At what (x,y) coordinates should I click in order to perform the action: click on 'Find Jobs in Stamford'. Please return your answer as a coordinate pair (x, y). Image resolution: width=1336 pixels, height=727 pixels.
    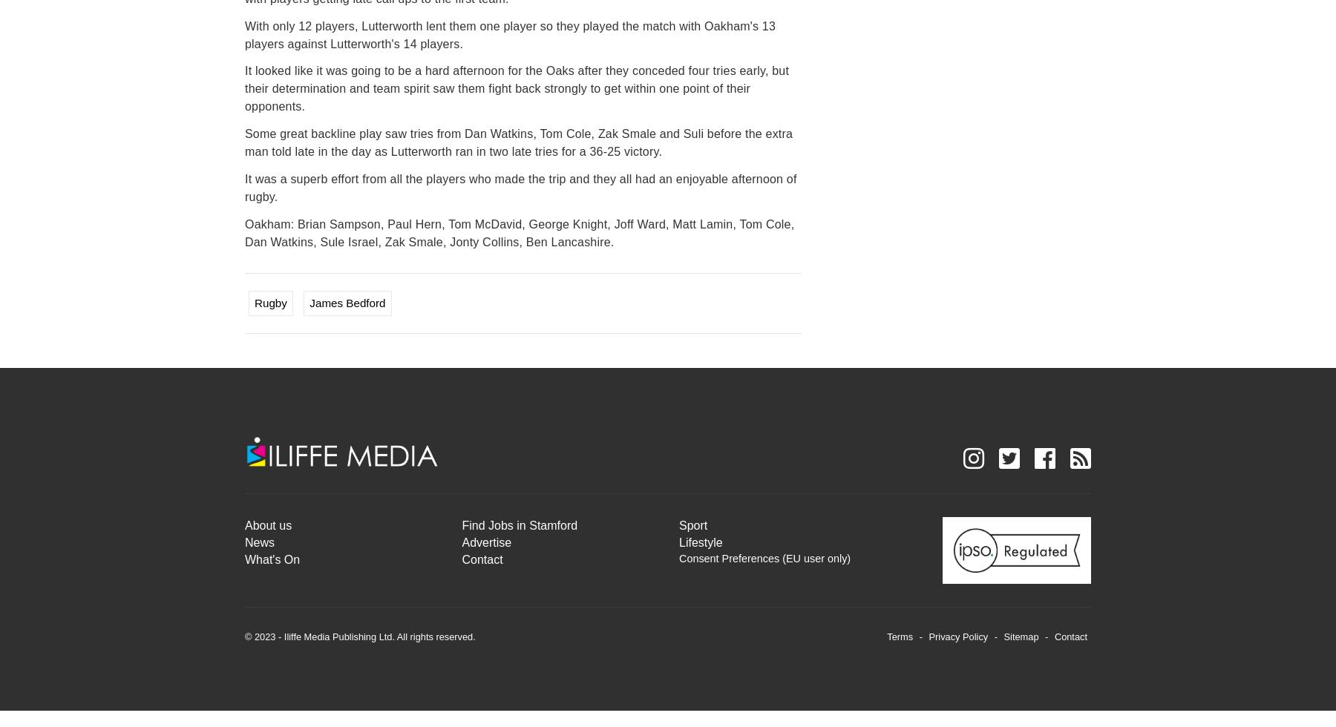
    Looking at the image, I should click on (519, 524).